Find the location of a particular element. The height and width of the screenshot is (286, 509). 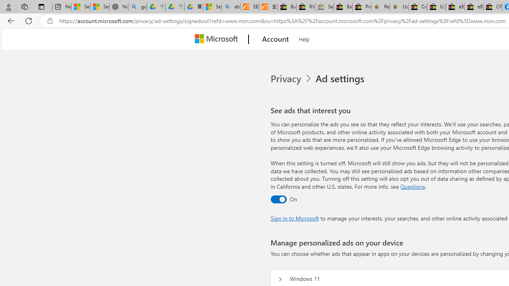

'Baby Keepsakes & Announcements for sale | eBay' is located at coordinates (343, 7).